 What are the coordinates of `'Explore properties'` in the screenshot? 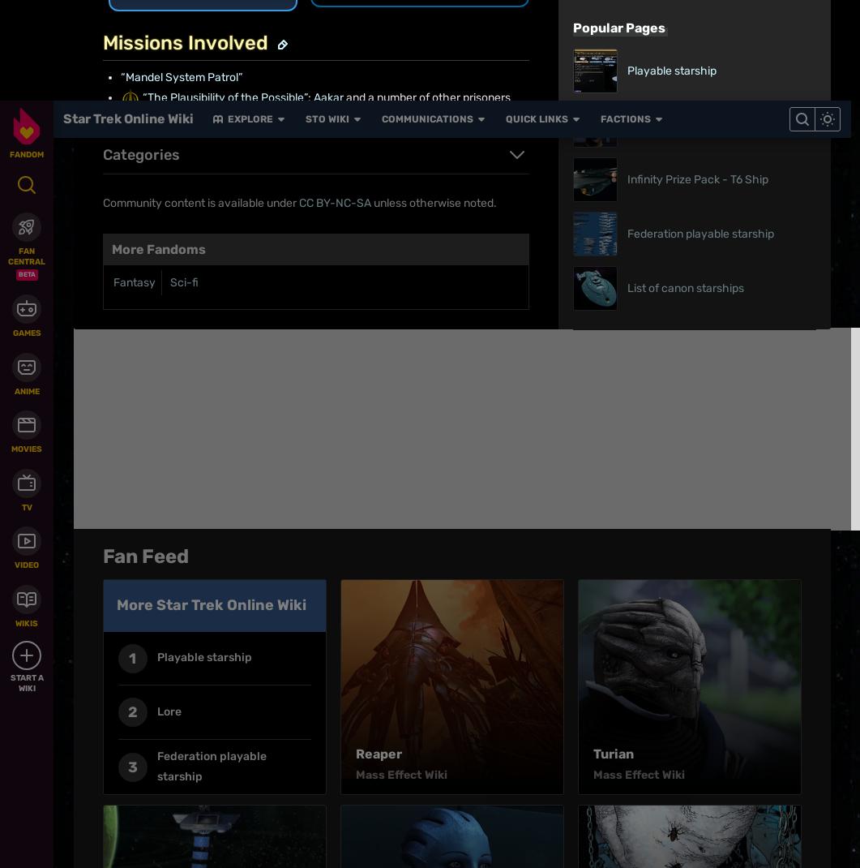 It's located at (124, 477).